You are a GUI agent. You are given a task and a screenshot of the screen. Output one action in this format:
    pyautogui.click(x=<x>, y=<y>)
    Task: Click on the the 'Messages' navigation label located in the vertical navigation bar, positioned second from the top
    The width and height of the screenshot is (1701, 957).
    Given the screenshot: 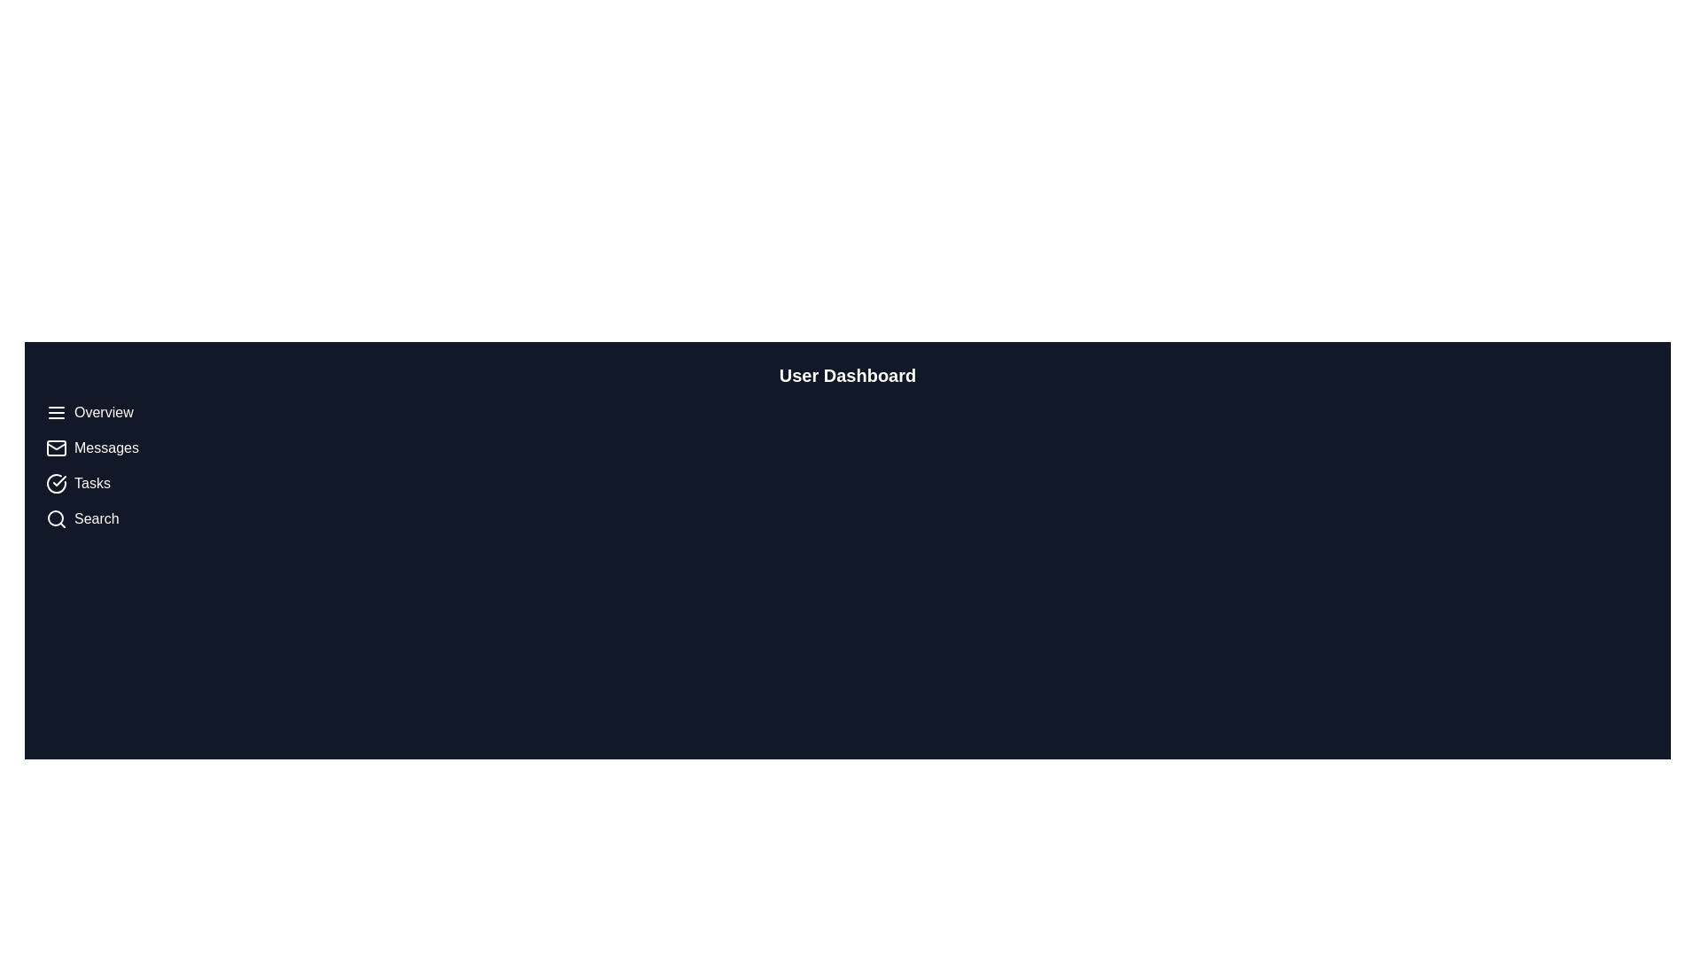 What is the action you would take?
    pyautogui.click(x=105, y=447)
    